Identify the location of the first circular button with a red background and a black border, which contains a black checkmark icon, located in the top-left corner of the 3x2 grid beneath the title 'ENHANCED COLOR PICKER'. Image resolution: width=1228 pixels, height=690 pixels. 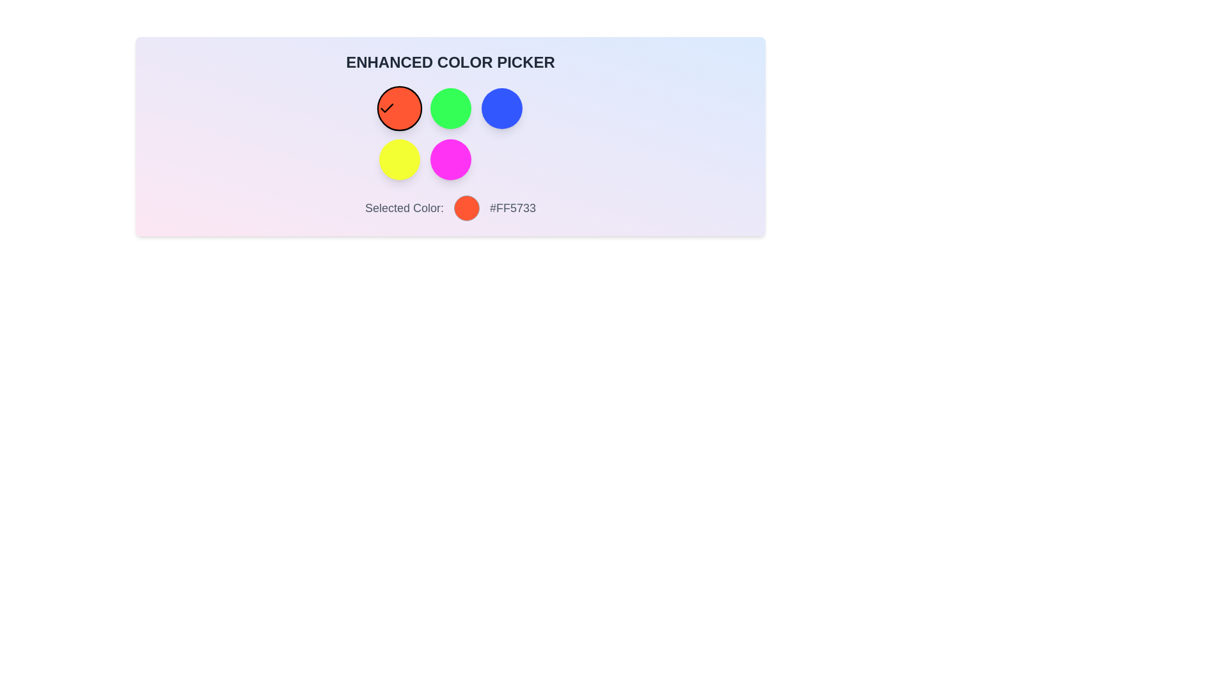
(398, 107).